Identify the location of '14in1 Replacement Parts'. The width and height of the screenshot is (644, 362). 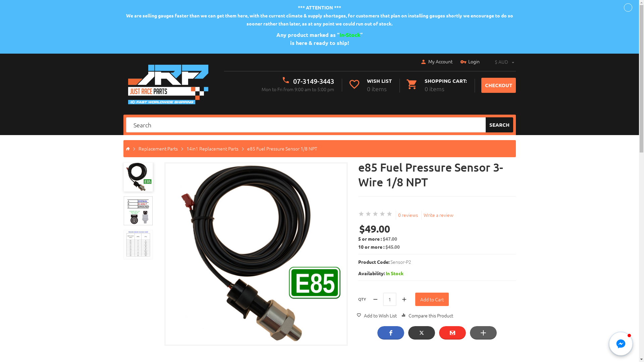
(212, 148).